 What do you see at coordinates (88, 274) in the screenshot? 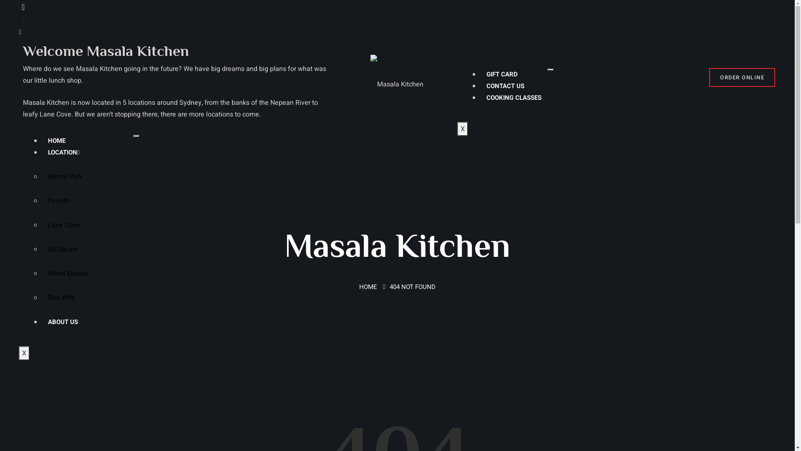
I see `'World Square'` at bounding box center [88, 274].